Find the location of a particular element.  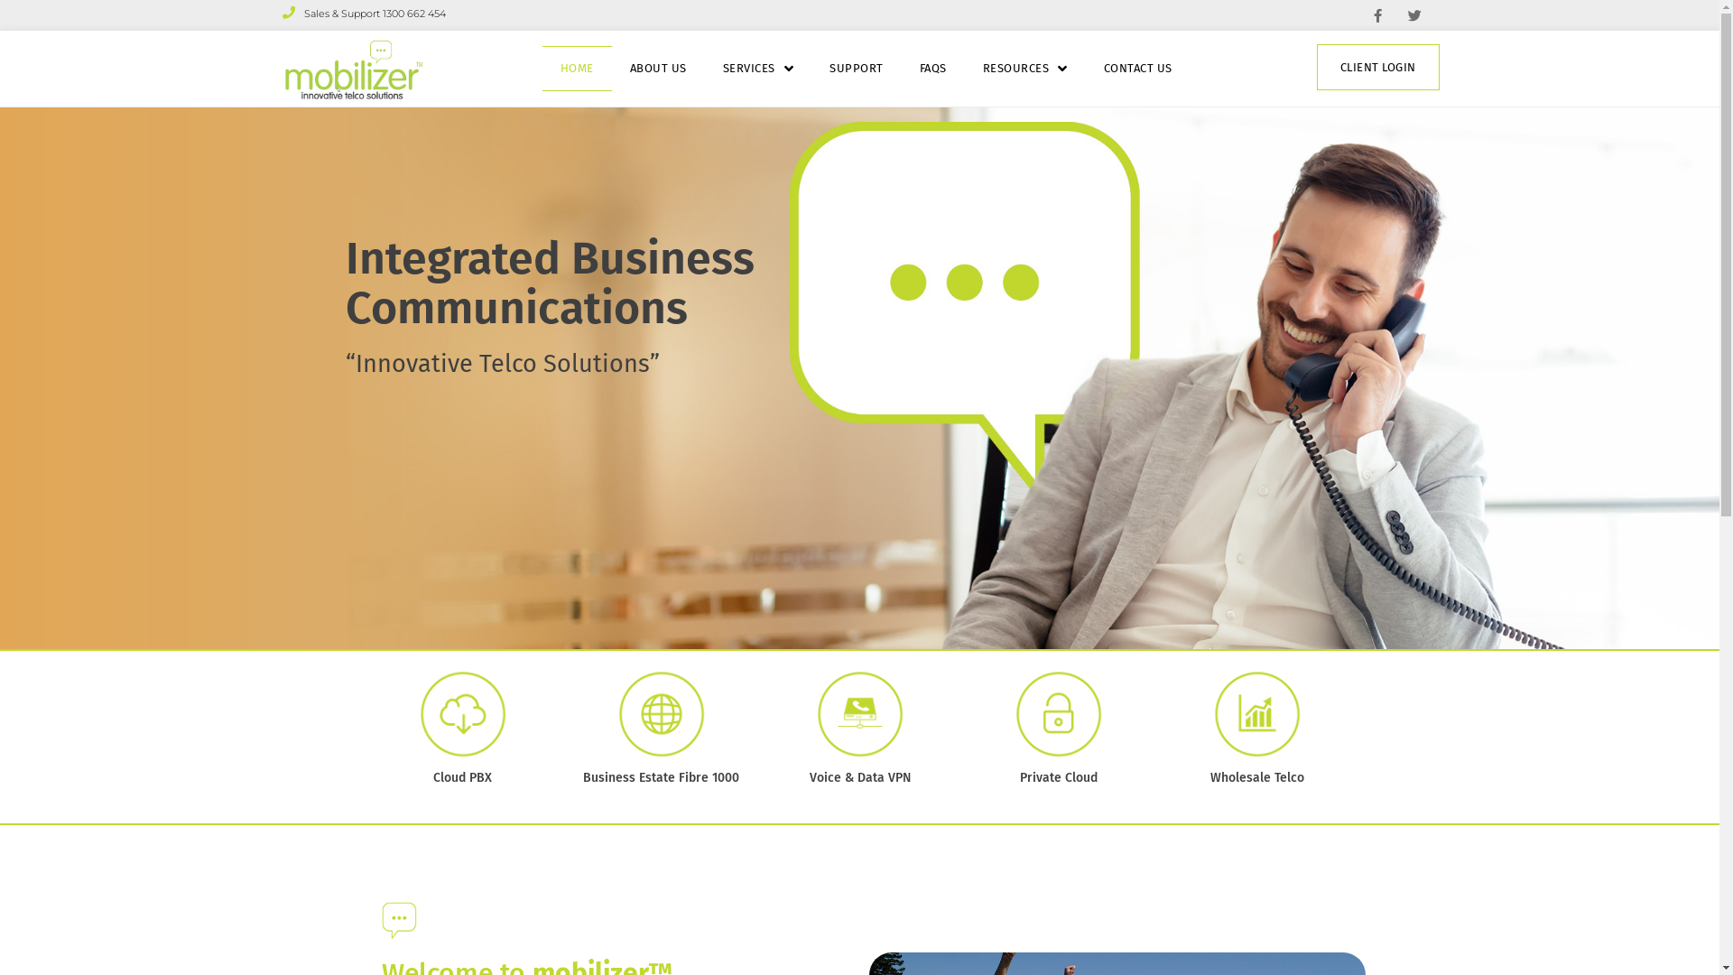

'CONTACT US' is located at coordinates (1137, 68).